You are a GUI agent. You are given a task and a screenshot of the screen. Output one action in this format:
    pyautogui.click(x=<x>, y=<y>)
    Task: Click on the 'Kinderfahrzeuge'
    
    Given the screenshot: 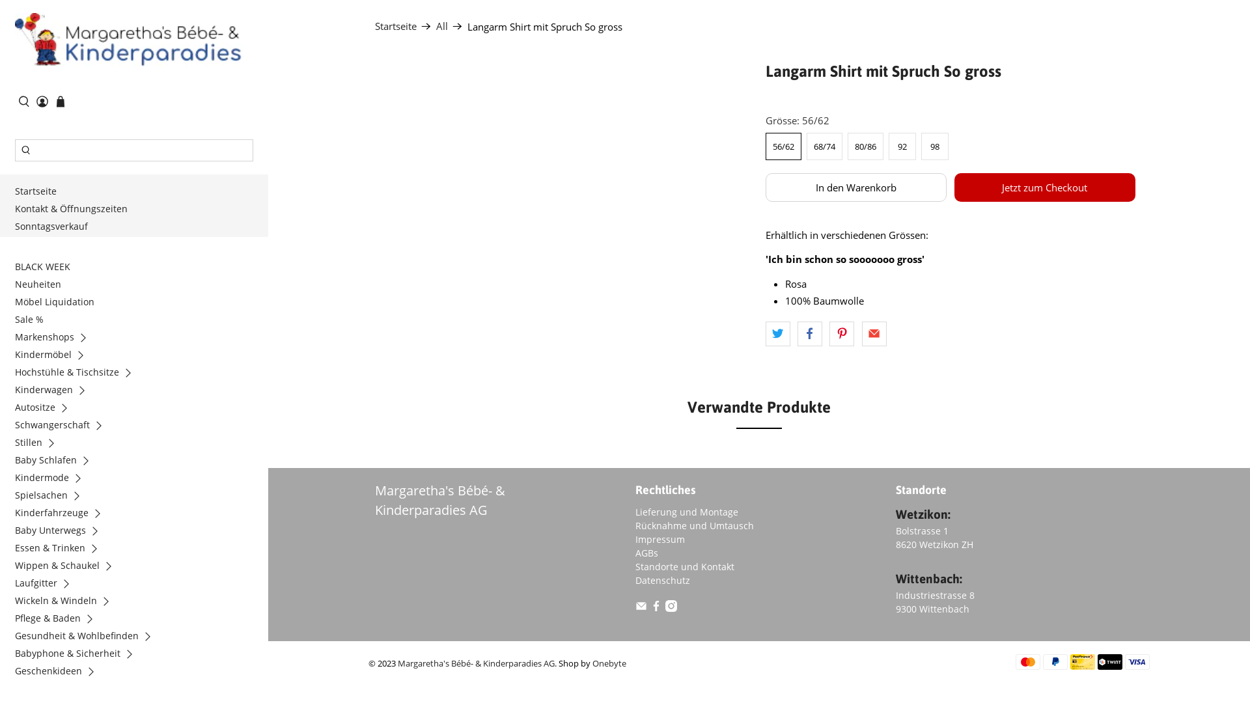 What is the action you would take?
    pyautogui.click(x=62, y=514)
    